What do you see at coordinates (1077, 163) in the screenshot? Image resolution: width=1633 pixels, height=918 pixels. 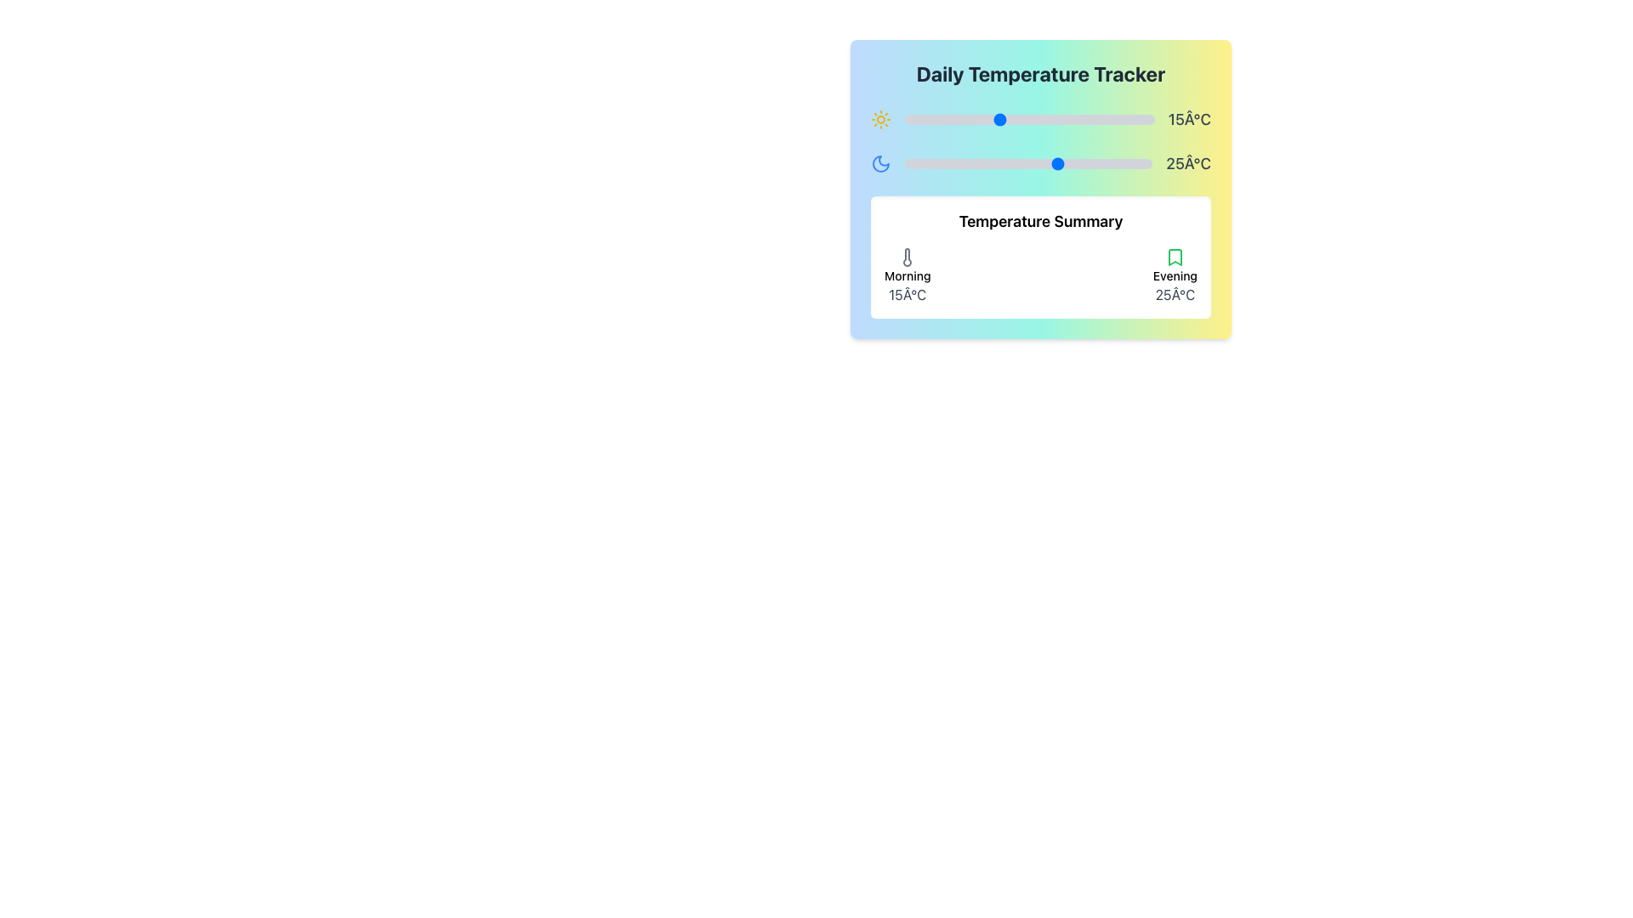 I see `the slider value` at bounding box center [1077, 163].